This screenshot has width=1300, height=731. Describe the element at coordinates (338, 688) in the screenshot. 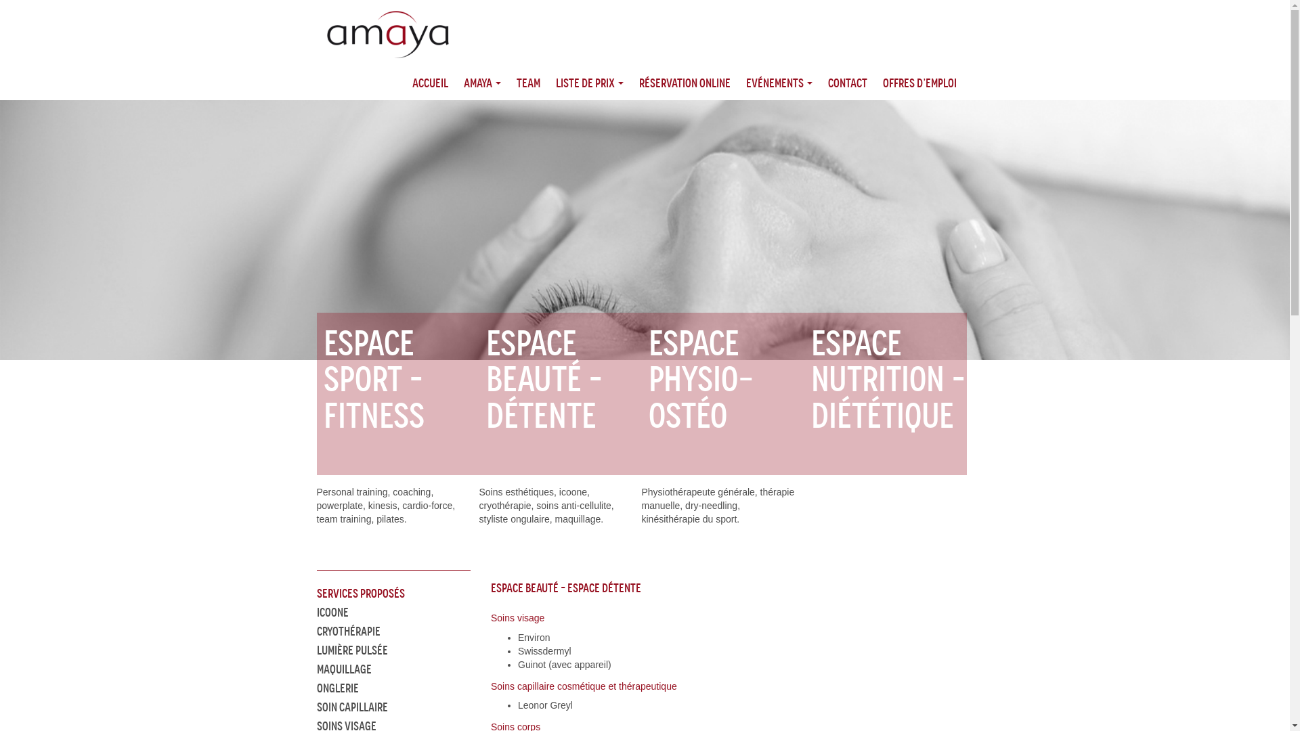

I see `'ONGLERIE'` at that location.